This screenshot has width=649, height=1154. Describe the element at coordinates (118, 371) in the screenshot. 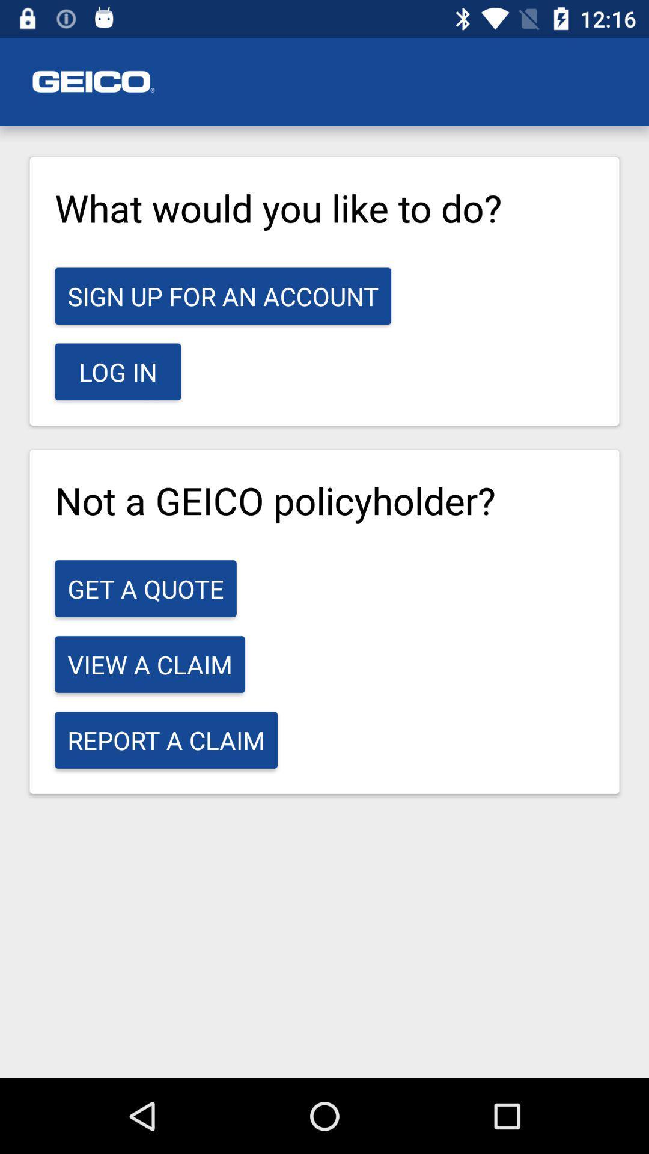

I see `the log in` at that location.